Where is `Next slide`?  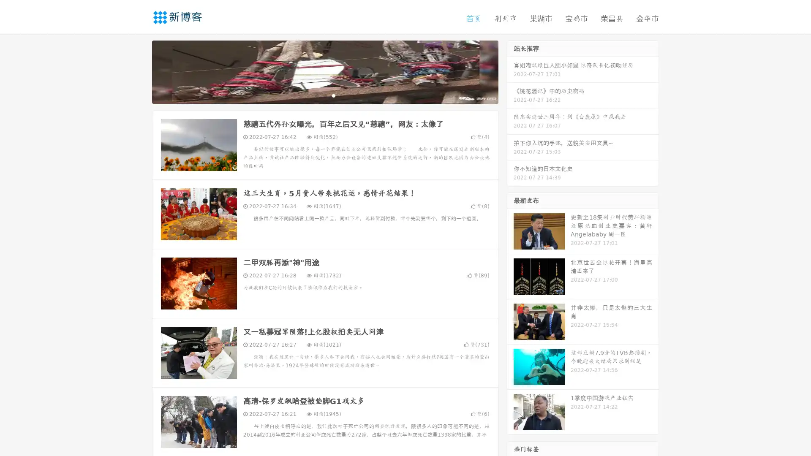 Next slide is located at coordinates (510, 71).